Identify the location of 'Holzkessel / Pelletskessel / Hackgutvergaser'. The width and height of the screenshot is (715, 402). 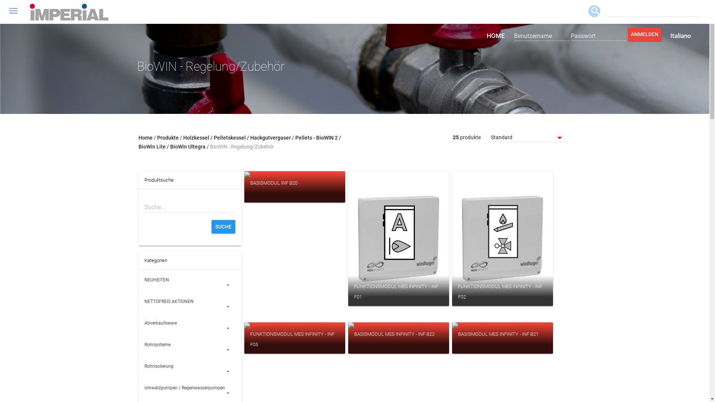
(236, 138).